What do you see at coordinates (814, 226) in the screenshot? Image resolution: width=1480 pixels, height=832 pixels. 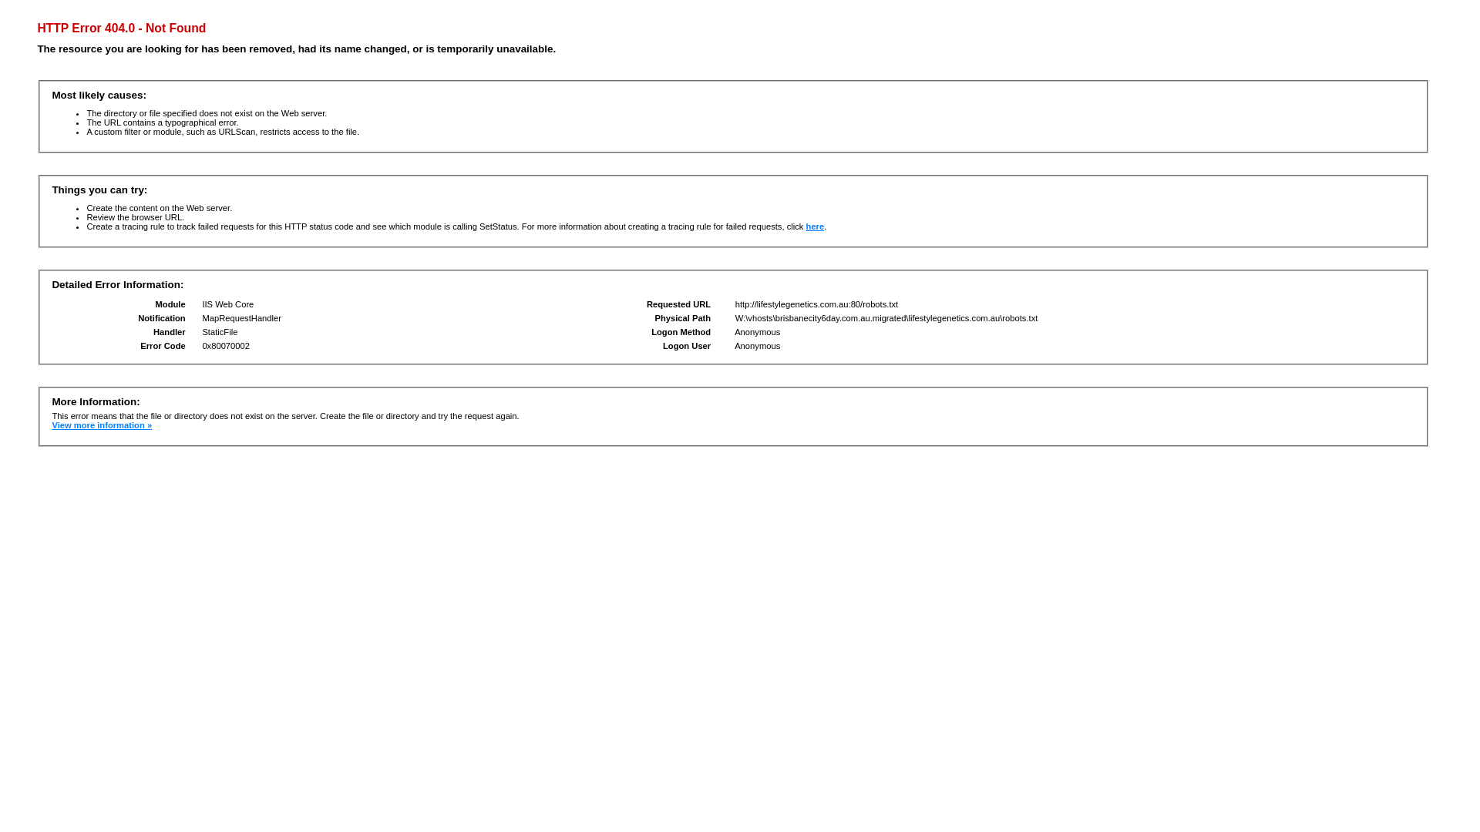 I see `'here'` at bounding box center [814, 226].